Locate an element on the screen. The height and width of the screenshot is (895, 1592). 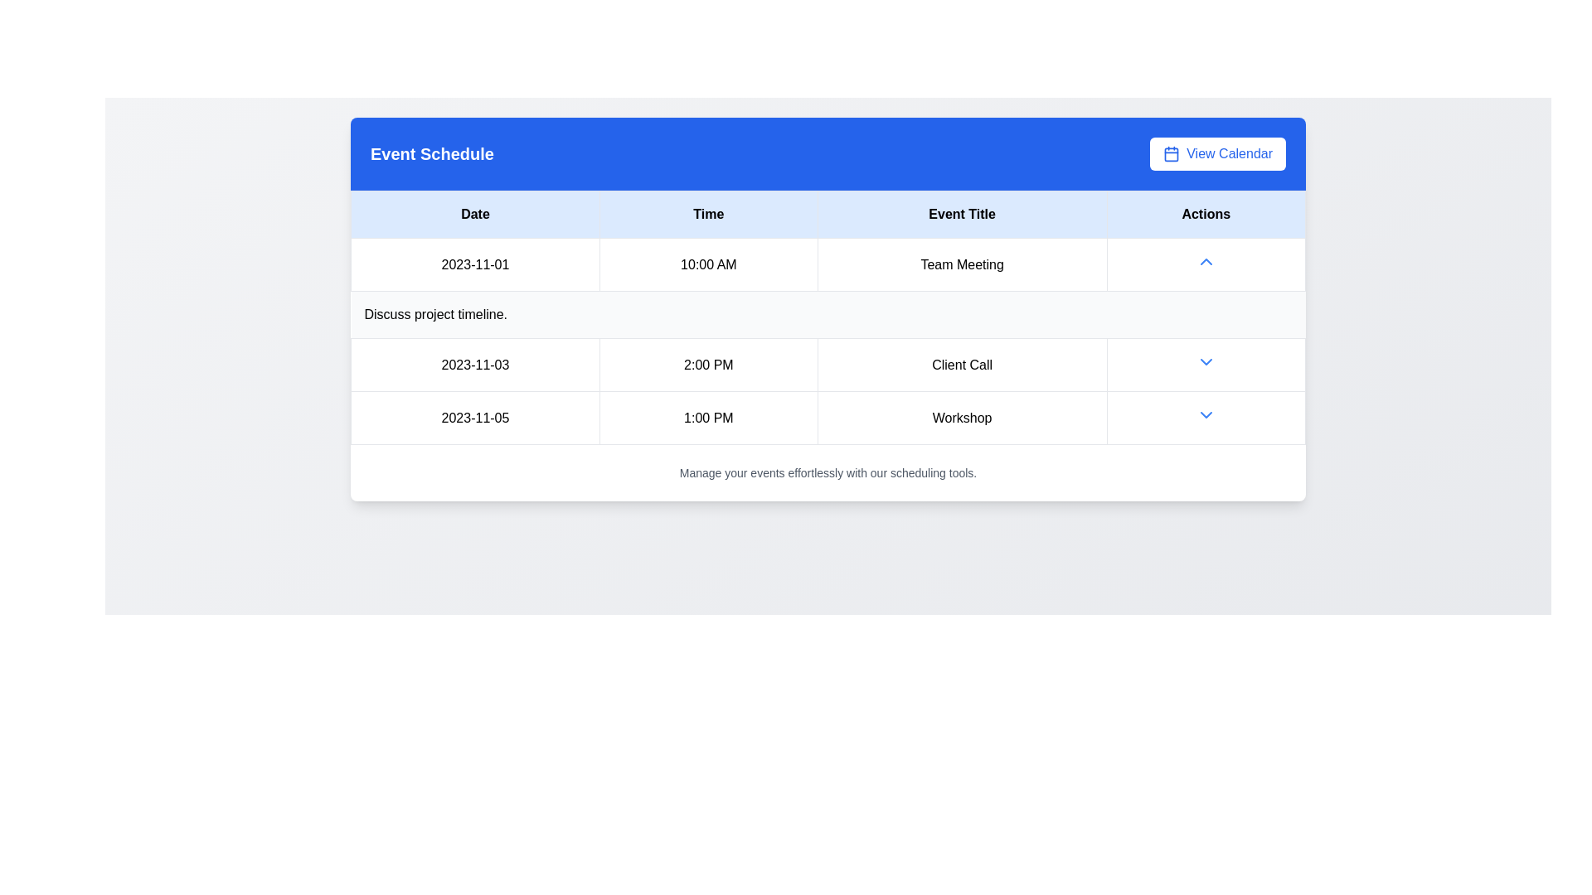
the 'Event Title' header text label, which is the third column in the header section of the table, positioned between 'Time' and 'Actions' is located at coordinates (962, 213).